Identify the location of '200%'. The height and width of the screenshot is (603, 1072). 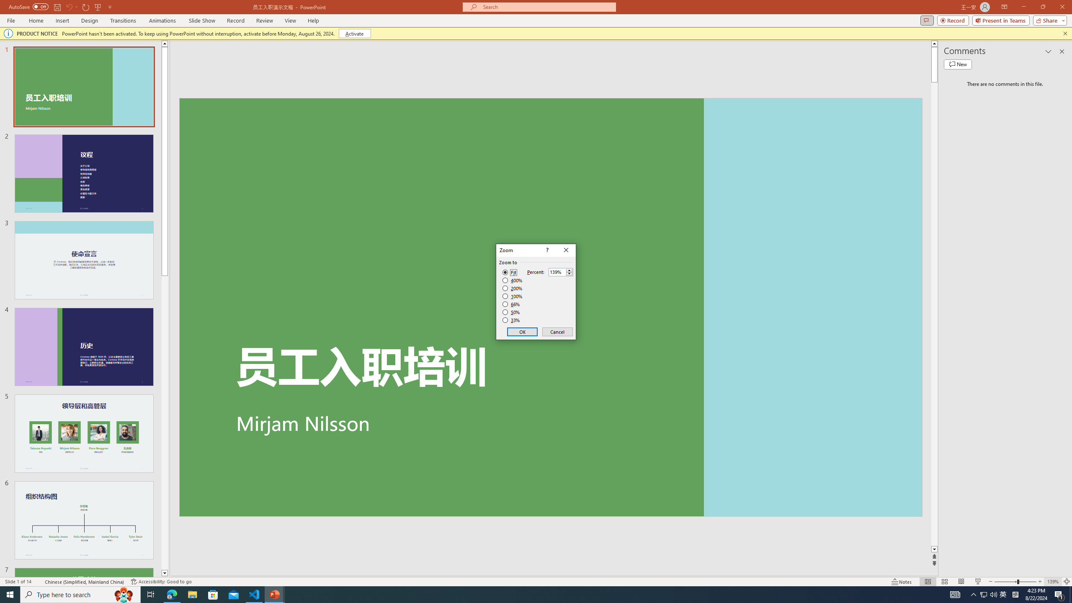
(512, 289).